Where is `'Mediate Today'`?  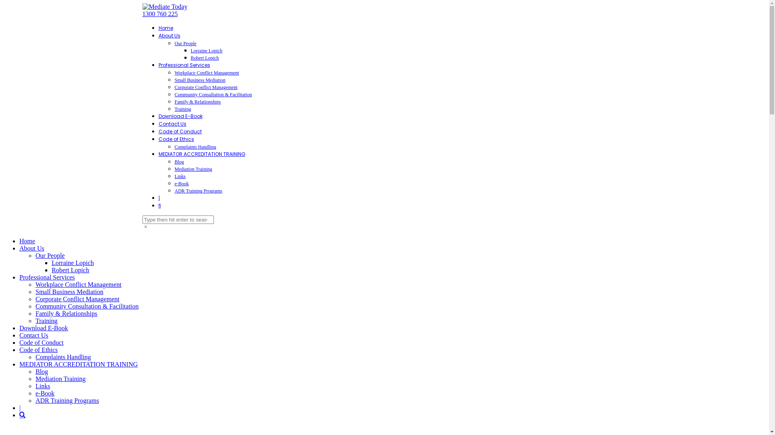 'Mediate Today' is located at coordinates (164, 6).